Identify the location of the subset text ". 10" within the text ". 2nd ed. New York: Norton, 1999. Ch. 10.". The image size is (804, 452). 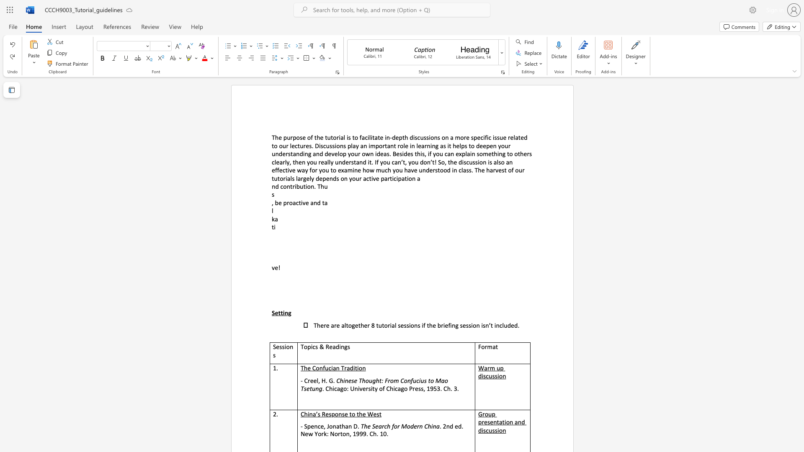
(376, 433).